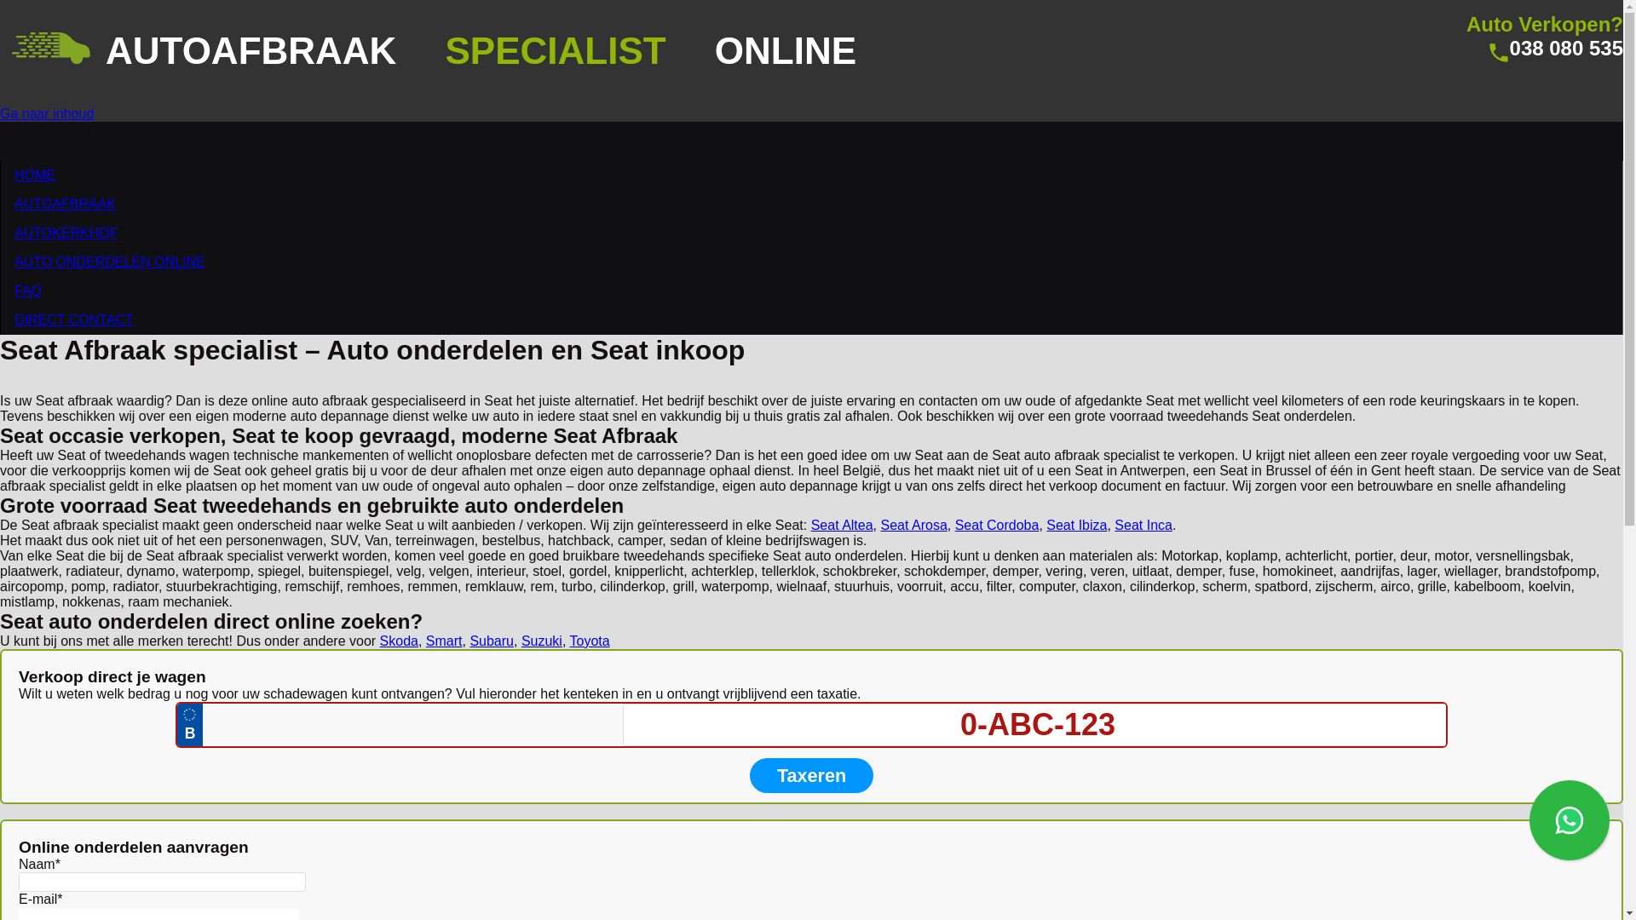  What do you see at coordinates (540, 641) in the screenshot?
I see `'Suzuki'` at bounding box center [540, 641].